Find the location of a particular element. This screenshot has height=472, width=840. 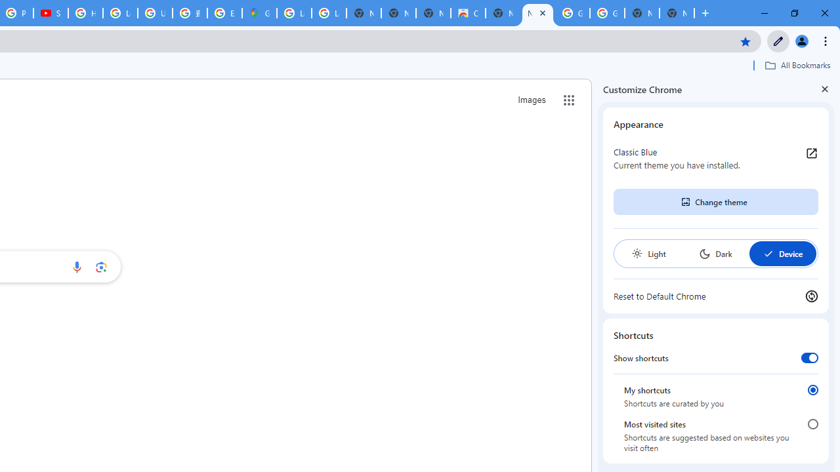

'Change theme' is located at coordinates (715, 202).